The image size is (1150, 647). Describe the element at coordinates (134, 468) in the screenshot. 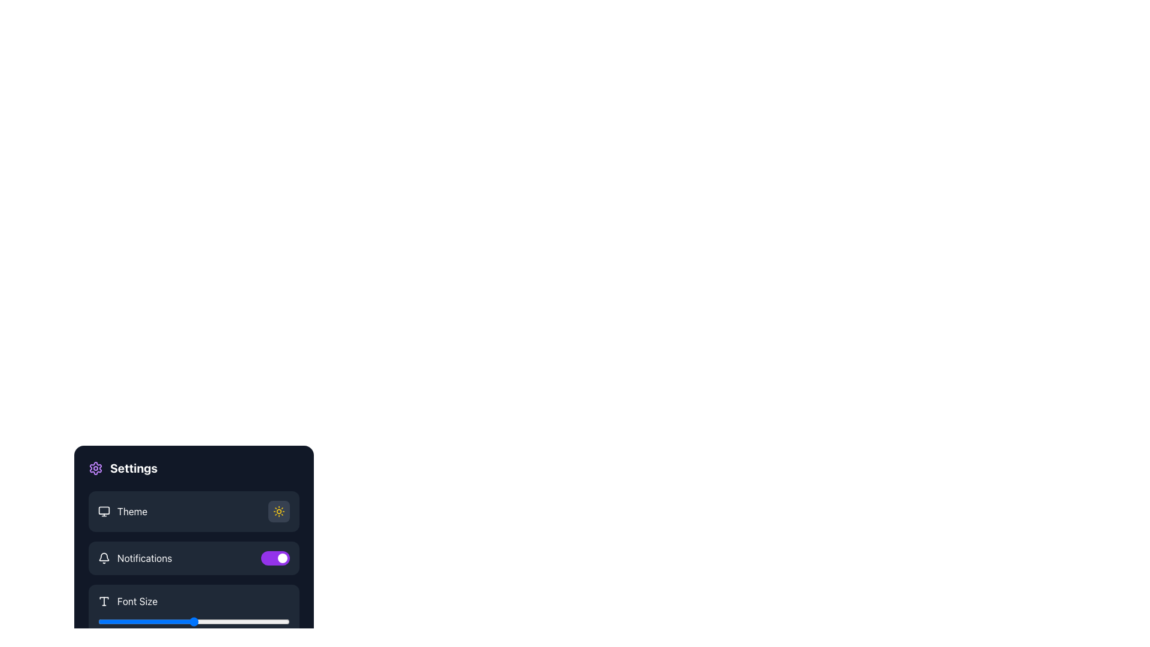

I see `the text label that serves as a header for the settings panel, indicating its purpose to users` at that location.